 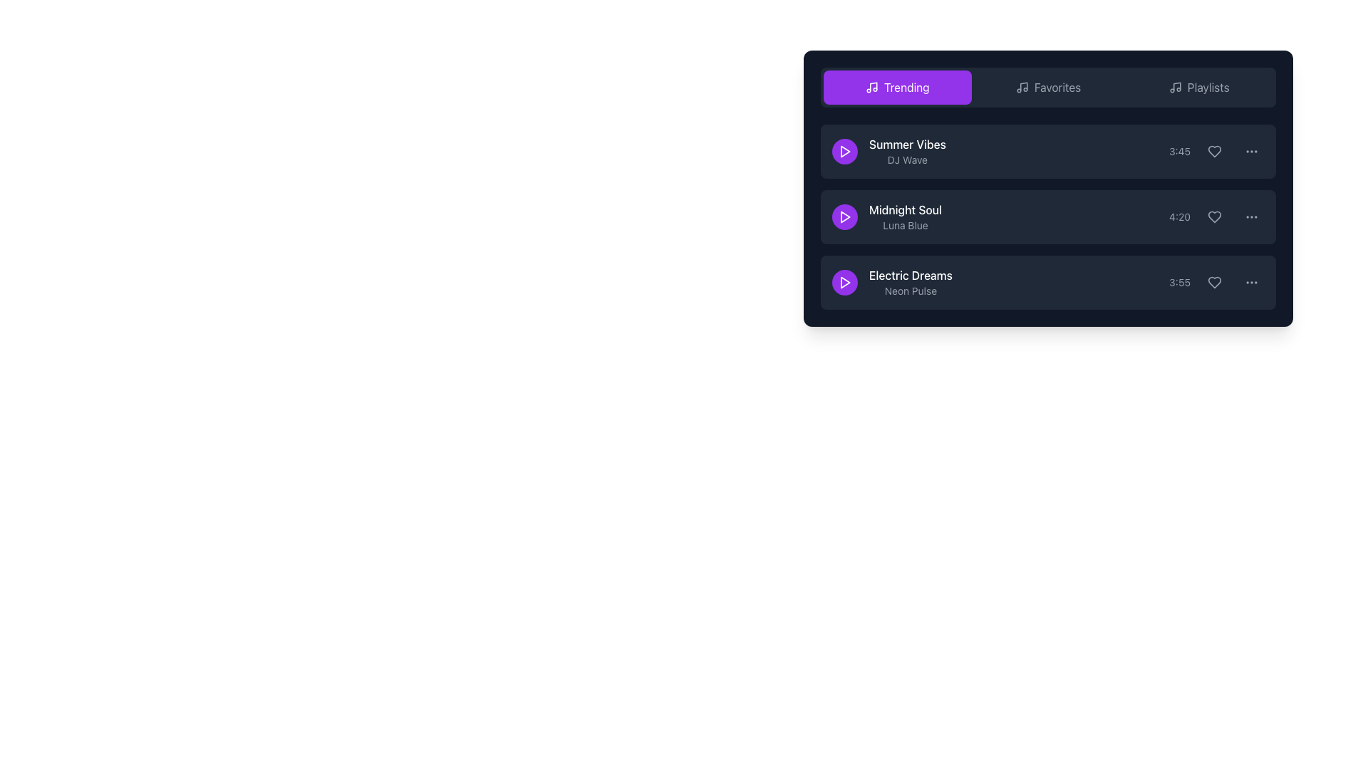 I want to click on the small gray static text label displaying '4:20', which is located in the middle of a vertical list of three items and toward the right side of the row, so click(x=1180, y=216).